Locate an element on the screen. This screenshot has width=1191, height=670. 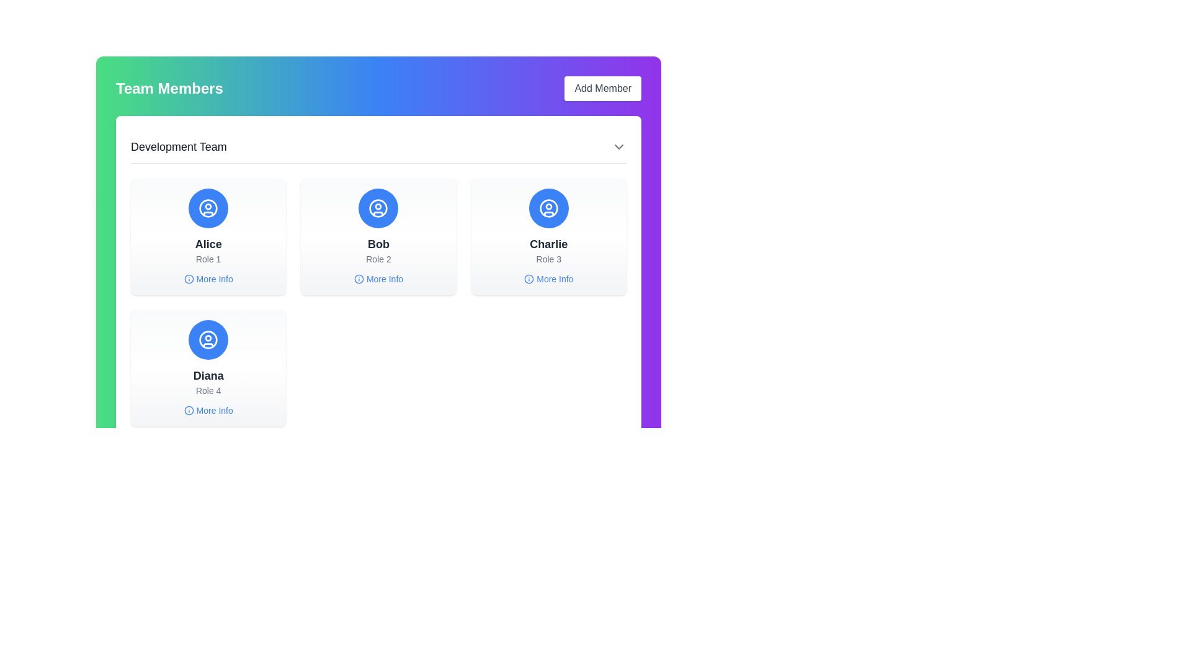
the user icon associated with 'Diana' located at the top of the card in the fourth position of the team grid is located at coordinates (208, 339).